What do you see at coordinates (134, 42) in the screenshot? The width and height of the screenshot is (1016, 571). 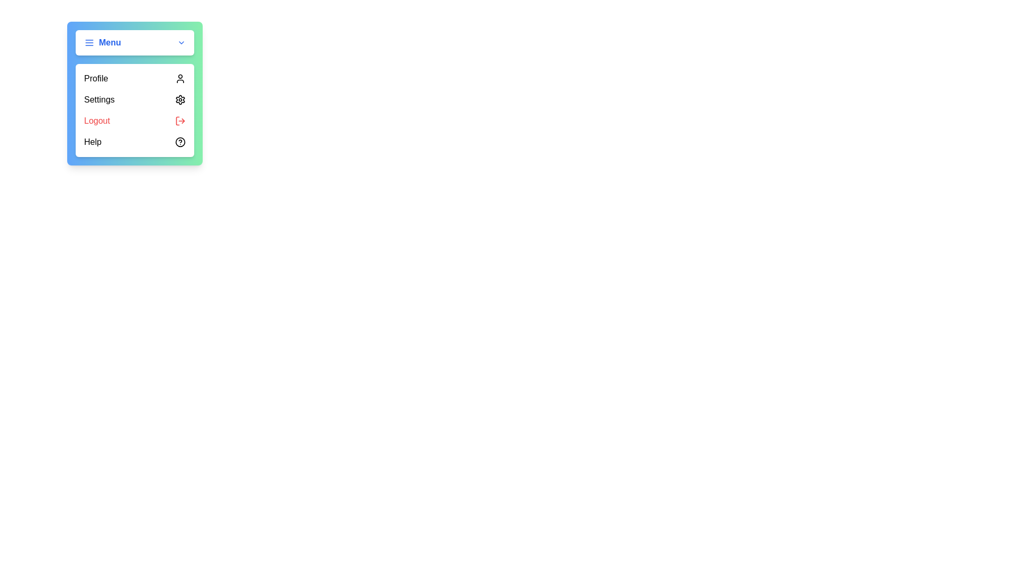 I see `the menu button to toggle the dropdown visibility` at bounding box center [134, 42].